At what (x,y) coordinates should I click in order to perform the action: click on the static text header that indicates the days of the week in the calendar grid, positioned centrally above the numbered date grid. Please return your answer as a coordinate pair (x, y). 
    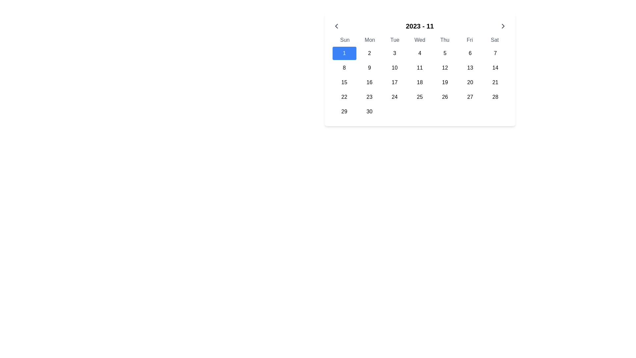
    Looking at the image, I should click on (419, 40).